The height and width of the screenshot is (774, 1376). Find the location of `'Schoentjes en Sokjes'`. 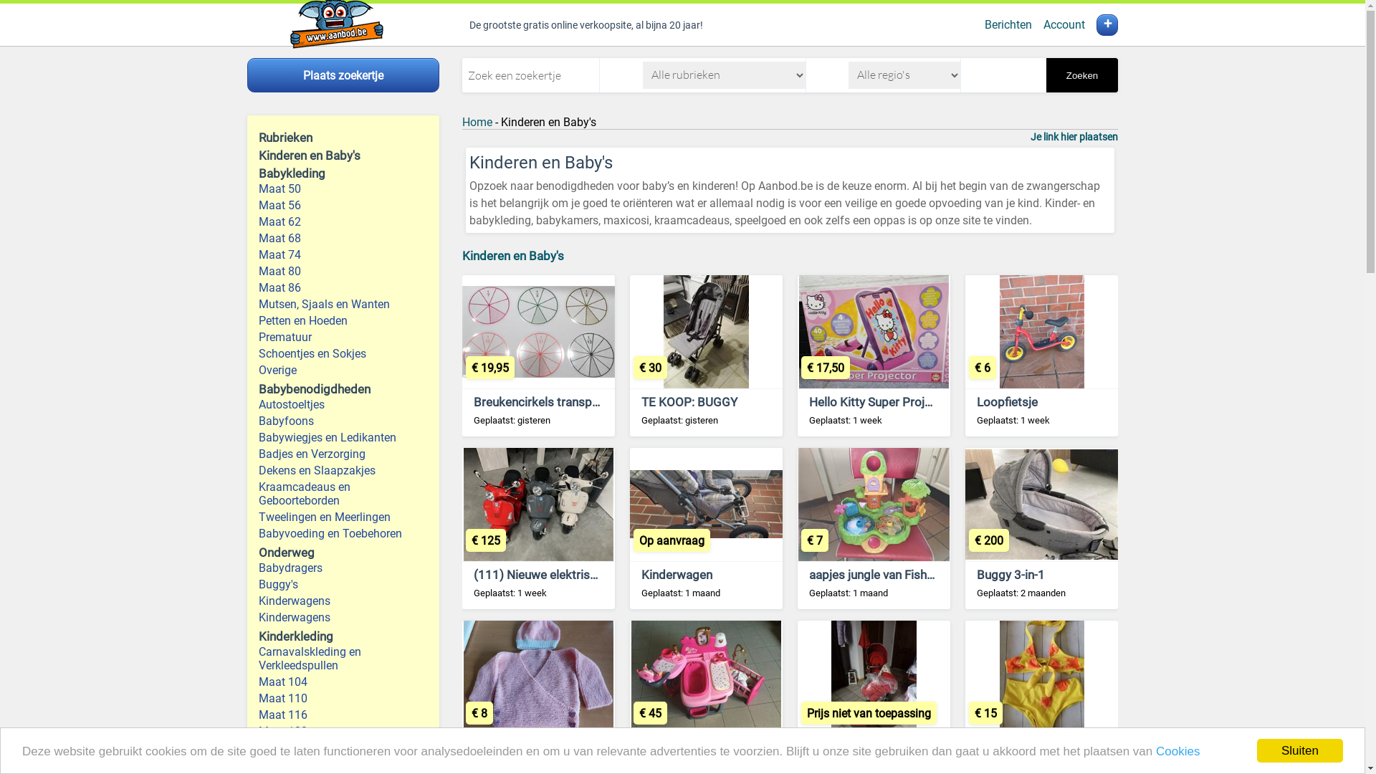

'Schoentjes en Sokjes' is located at coordinates (258, 353).